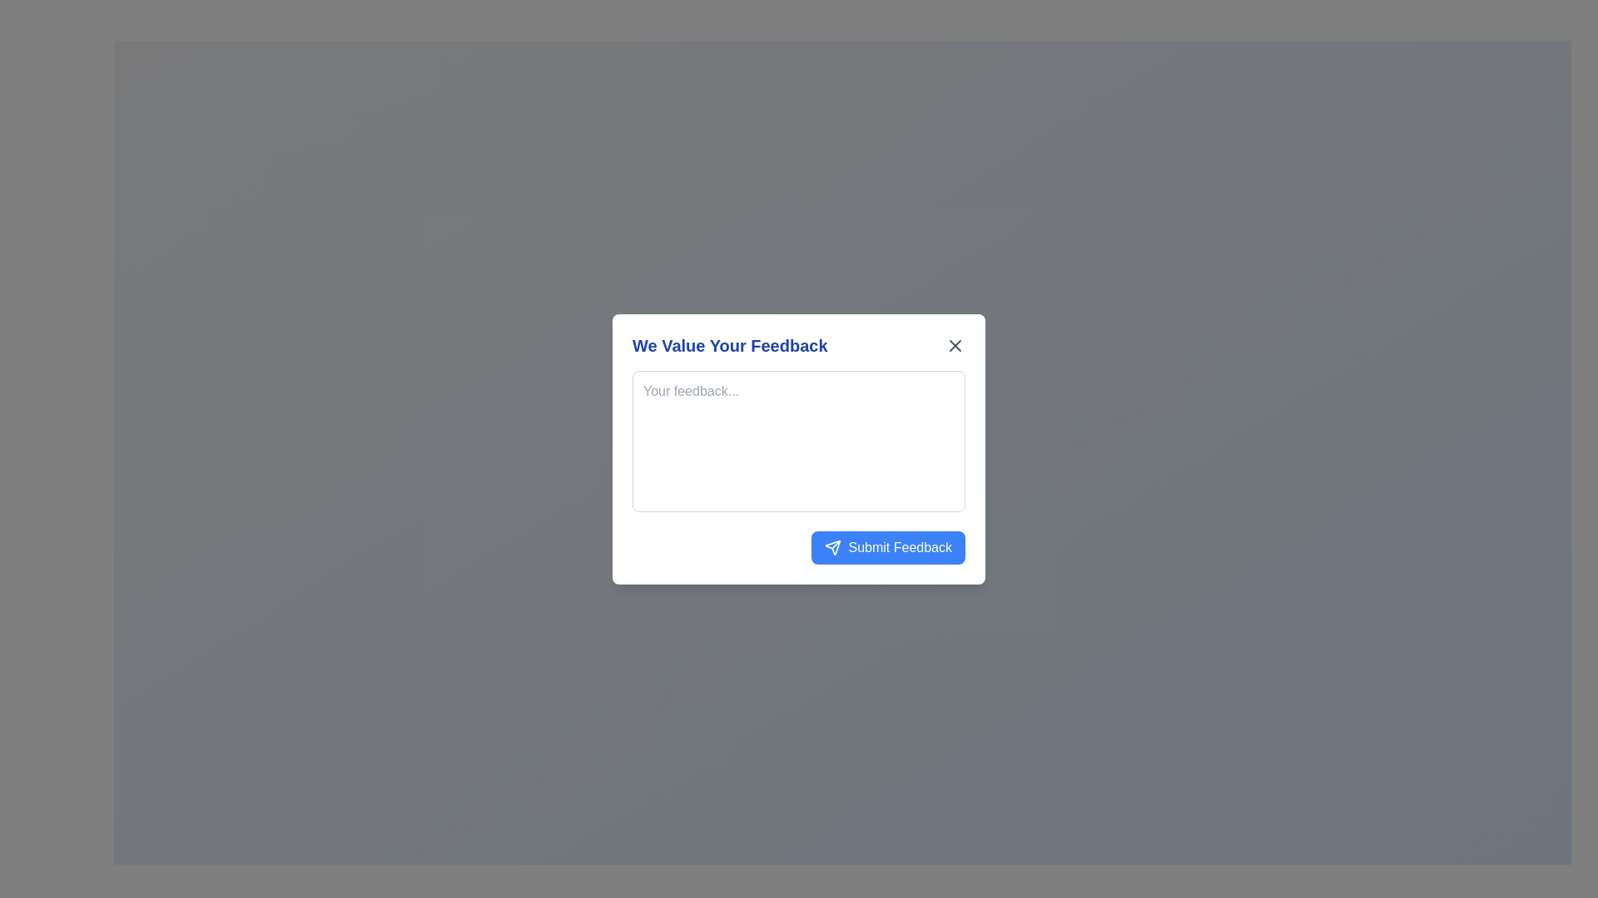 This screenshot has height=898, width=1598. I want to click on the decorative icon for the 'Submit Feedback' button, which is located to the immediate left of the 'Submit Feedback' text within the blue button in the feedback dialog box, so click(833, 547).